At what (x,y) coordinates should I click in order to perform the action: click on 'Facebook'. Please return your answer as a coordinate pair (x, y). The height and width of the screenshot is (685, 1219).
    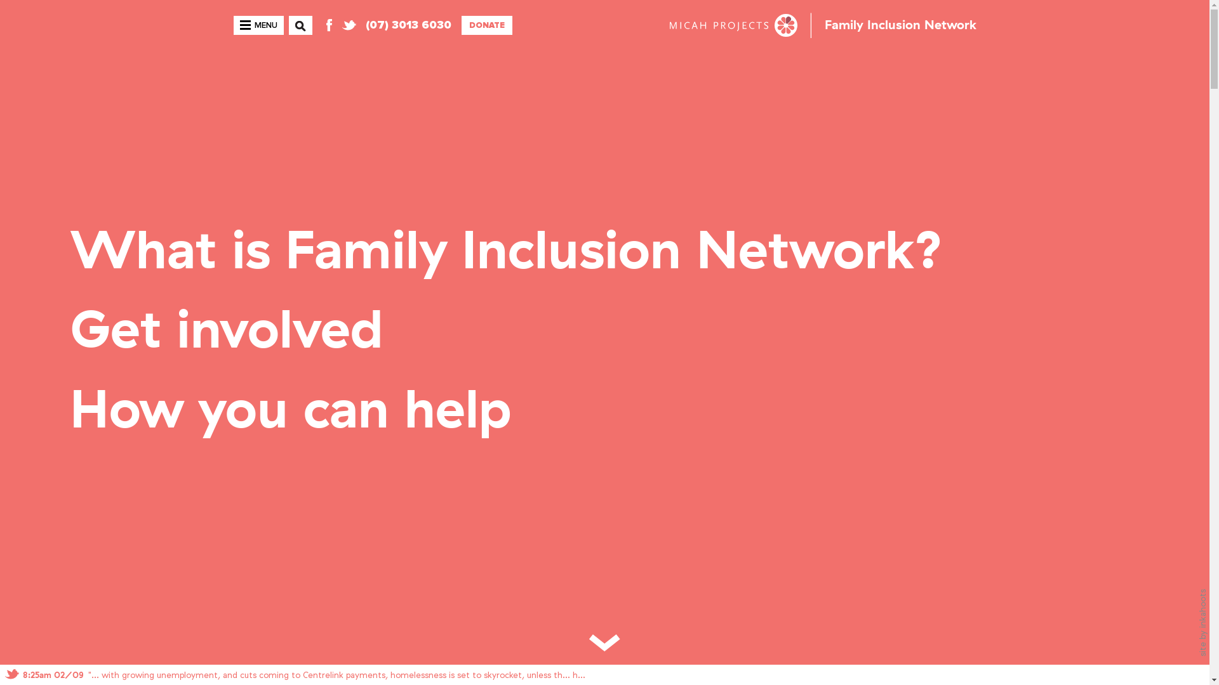
    Looking at the image, I should click on (321, 25).